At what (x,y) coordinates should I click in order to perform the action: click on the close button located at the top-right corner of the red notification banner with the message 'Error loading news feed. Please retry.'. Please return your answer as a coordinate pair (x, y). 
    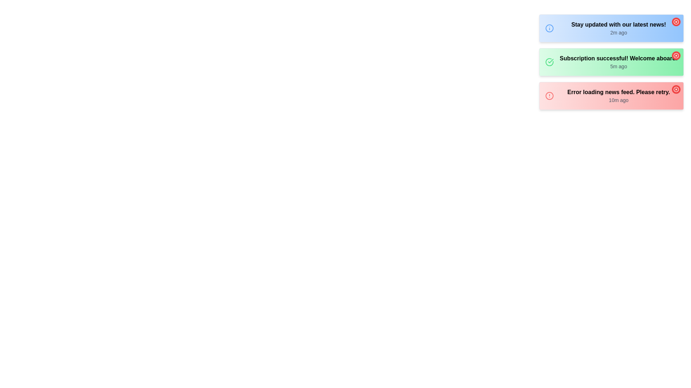
    Looking at the image, I should click on (676, 89).